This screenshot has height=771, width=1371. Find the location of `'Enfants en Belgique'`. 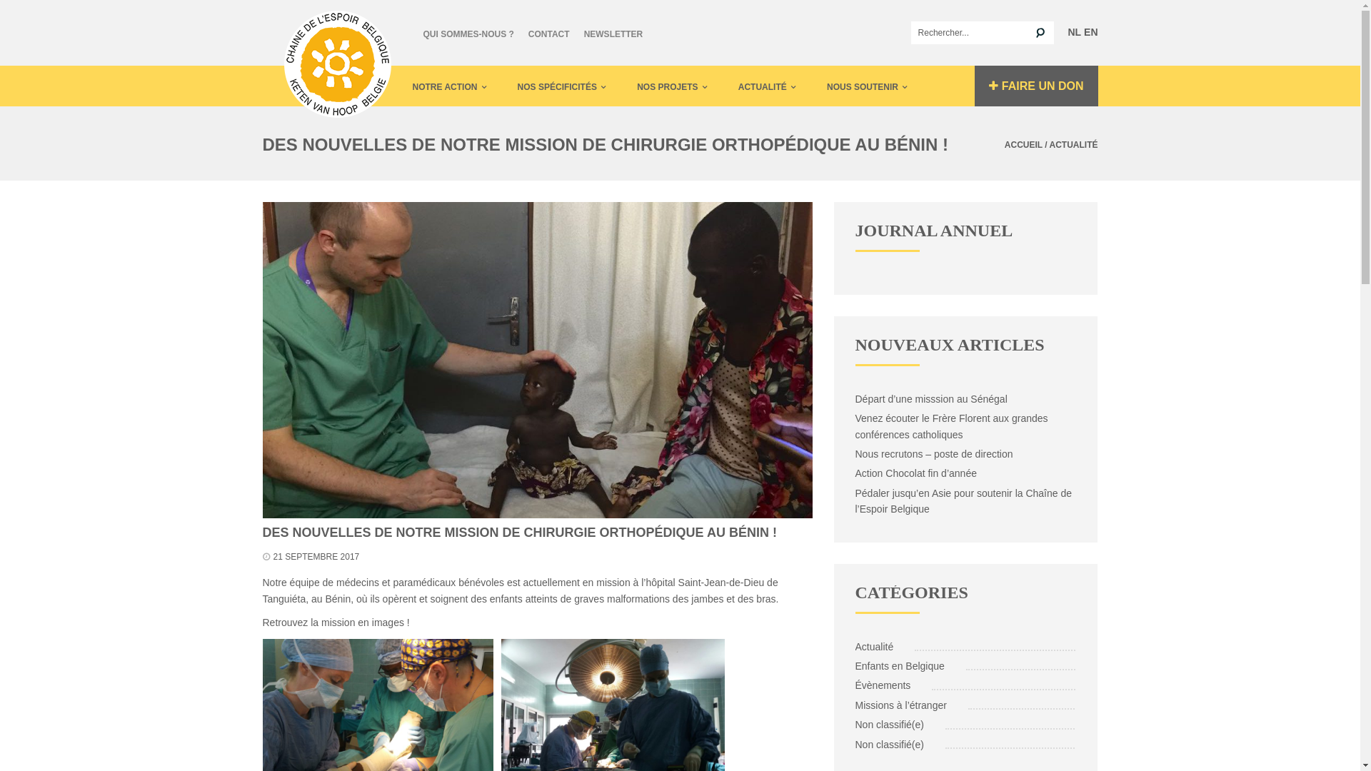

'Enfants en Belgique' is located at coordinates (900, 666).